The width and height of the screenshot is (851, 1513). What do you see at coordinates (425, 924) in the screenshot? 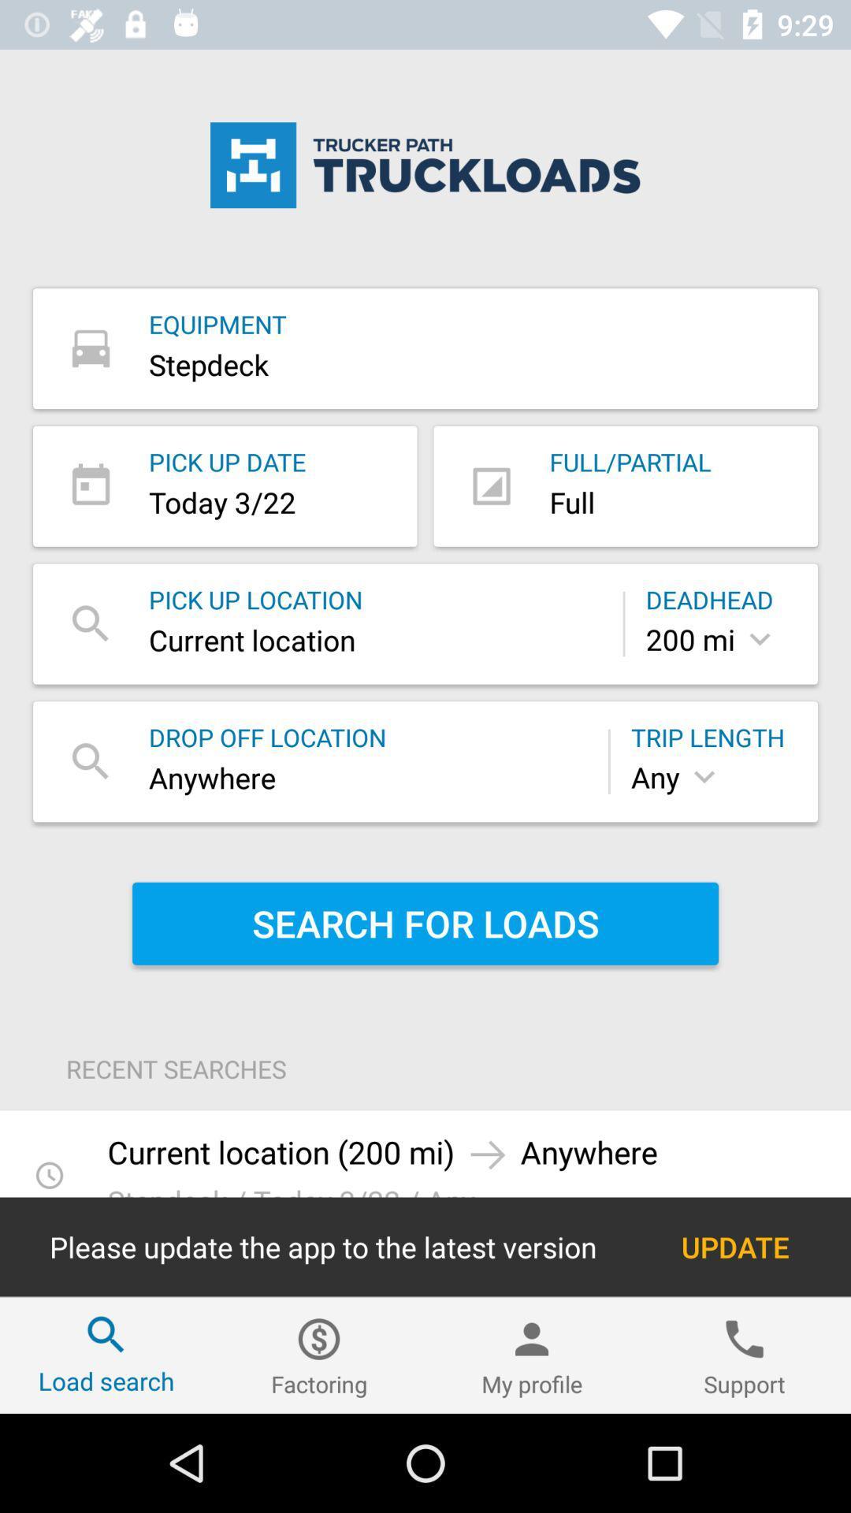
I see `the item at the center` at bounding box center [425, 924].